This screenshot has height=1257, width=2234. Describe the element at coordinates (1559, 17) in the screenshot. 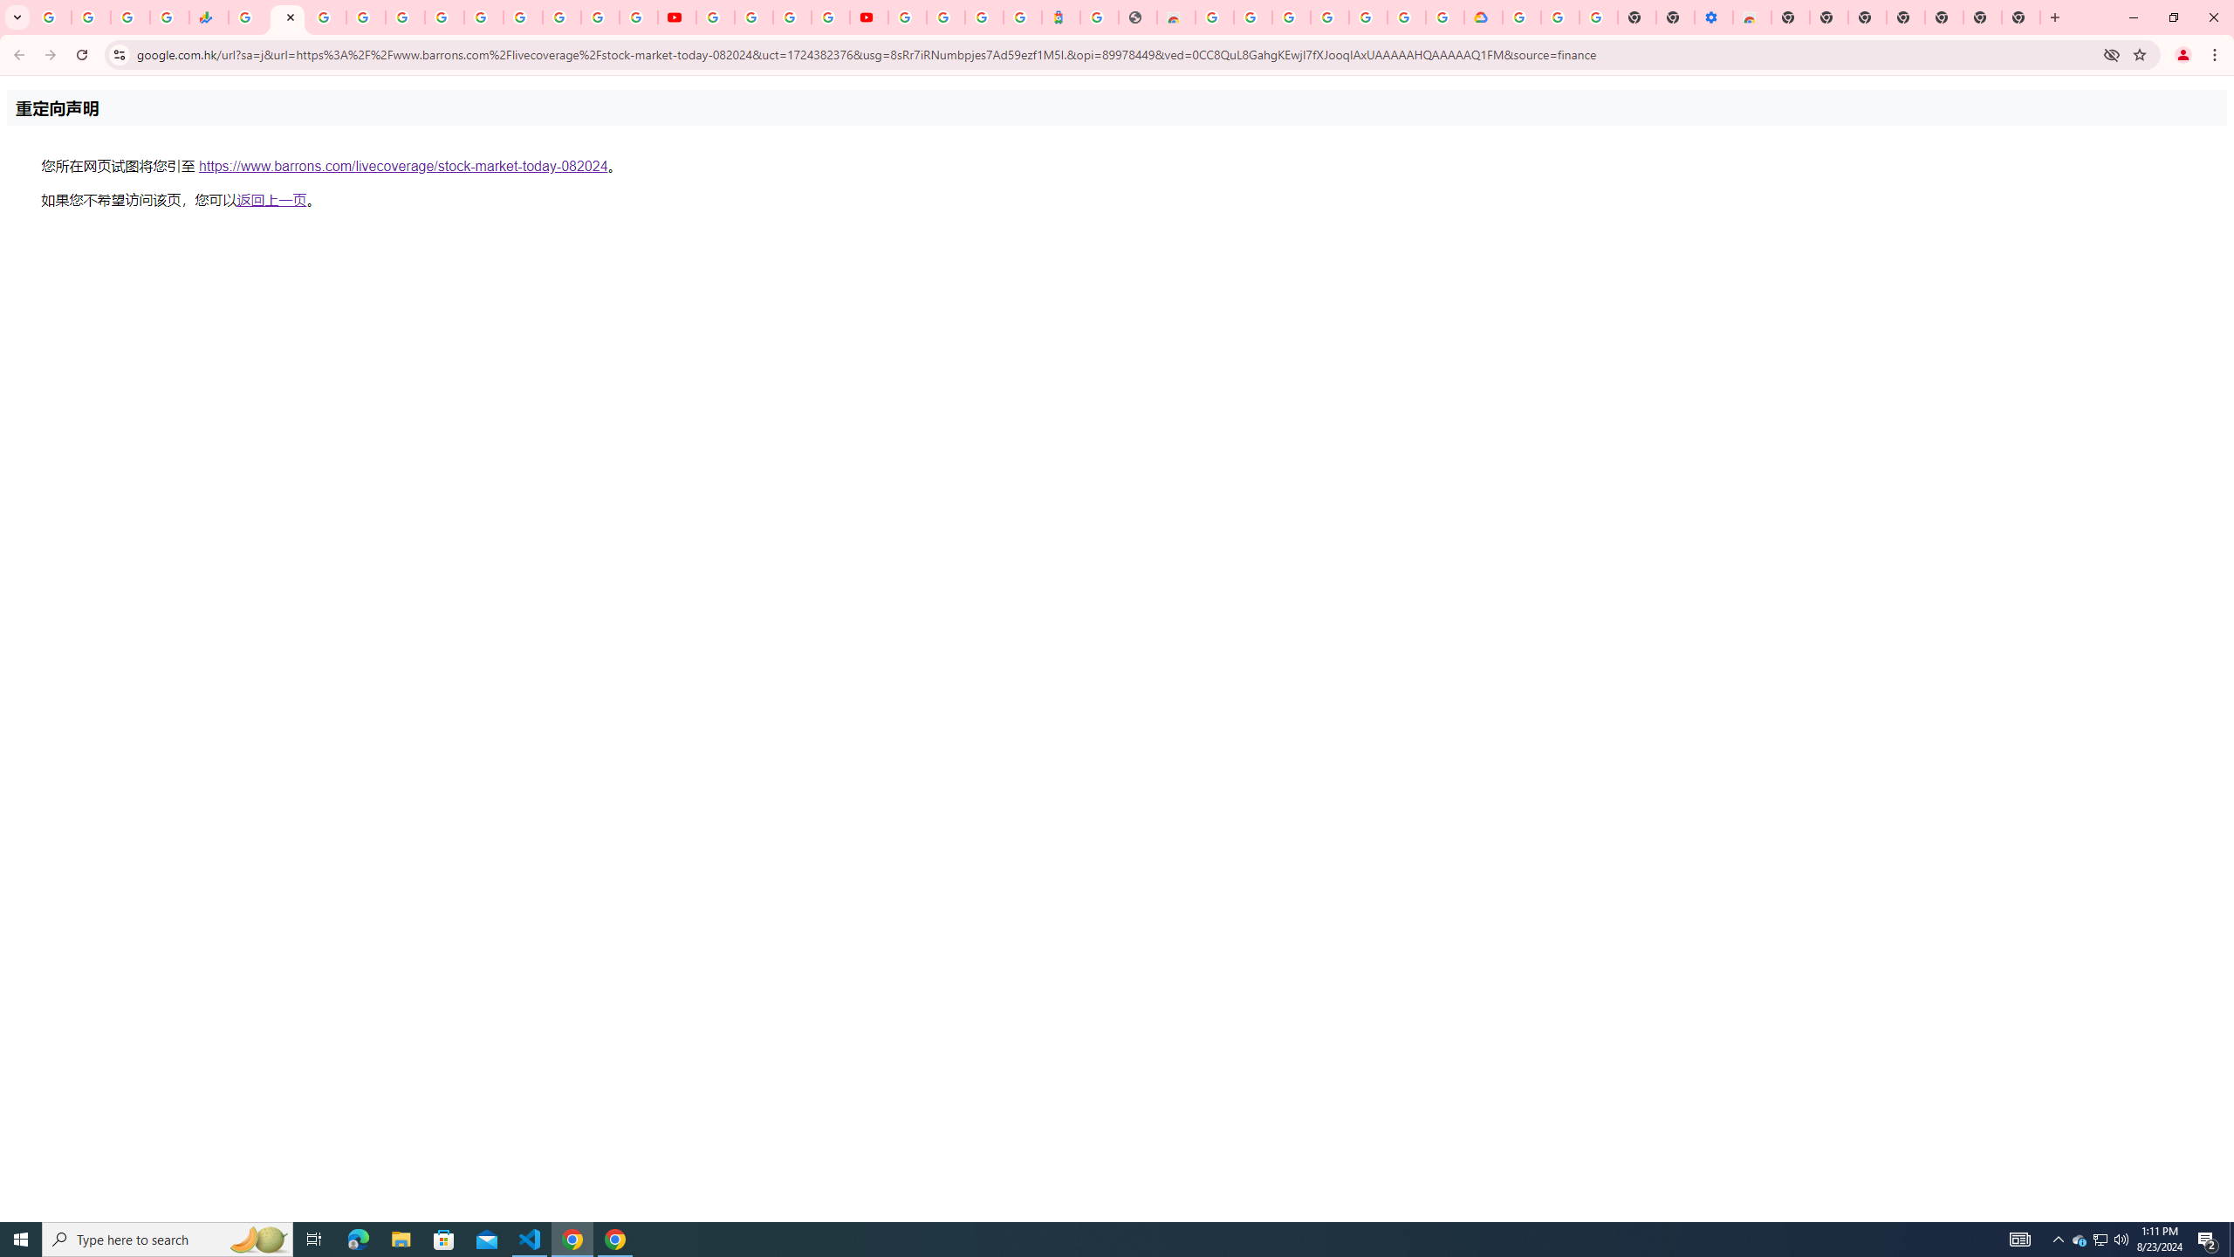

I see `'Google Account Help'` at that location.